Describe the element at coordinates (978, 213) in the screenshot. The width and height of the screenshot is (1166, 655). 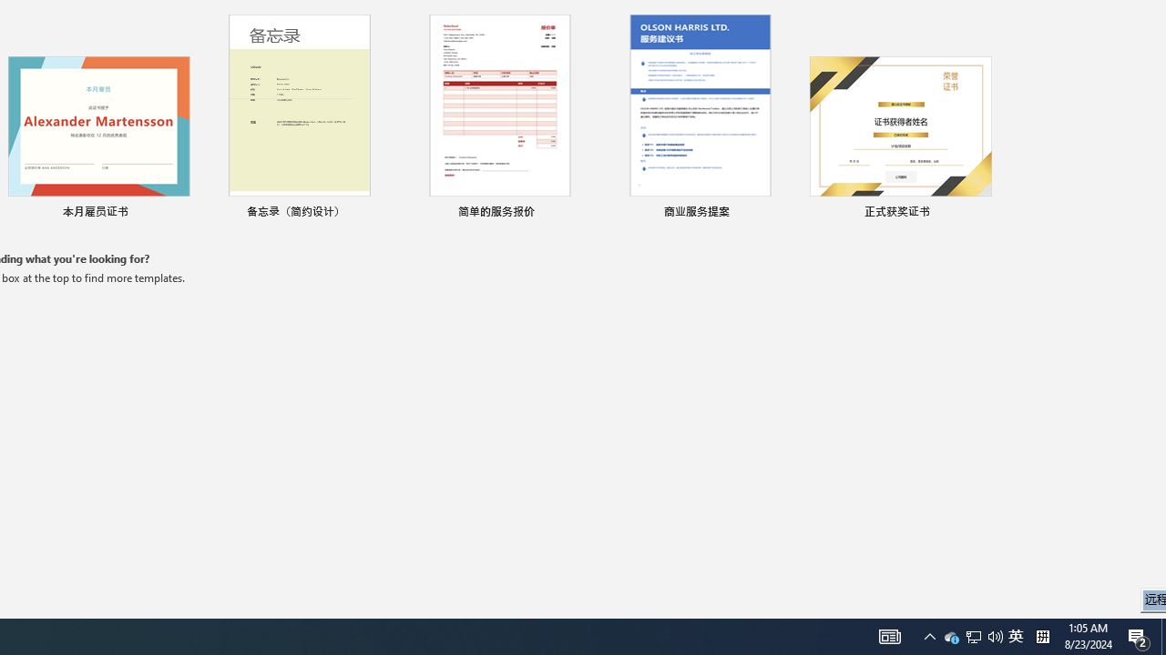
I see `'Pin to list'` at that location.